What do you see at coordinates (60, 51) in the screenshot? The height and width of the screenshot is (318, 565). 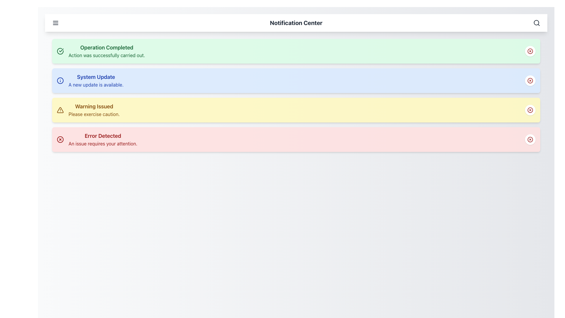 I see `the circular outline of the checkmark icon indicating successful completion, located to the left of the 'Operation Completed' notification box` at bounding box center [60, 51].